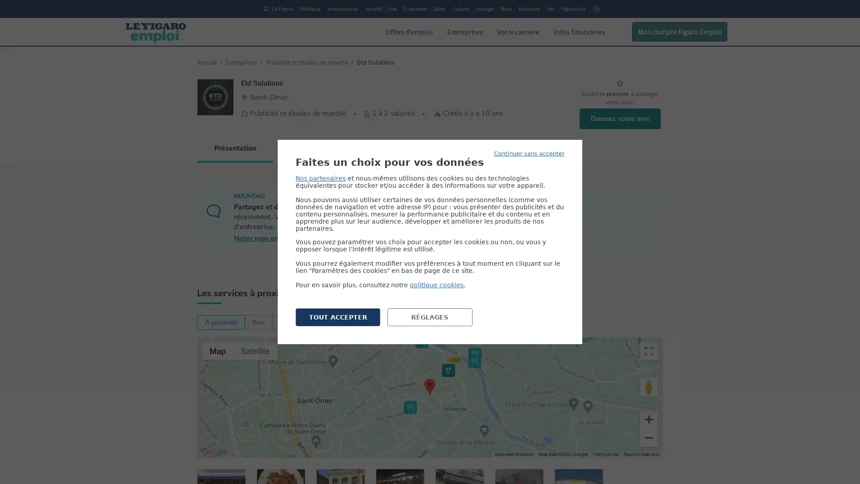  Describe the element at coordinates (448, 370) in the screenshot. I see `Tabac au Prix d'Amerique` at that location.